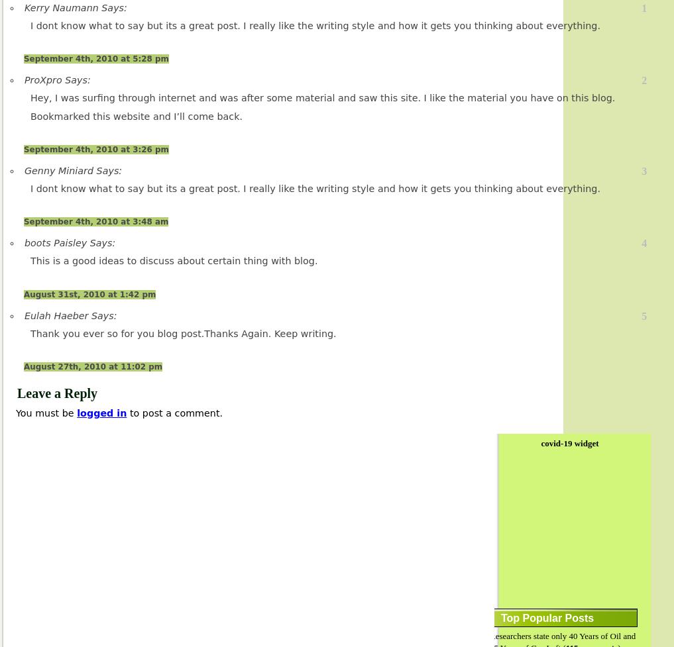 The height and width of the screenshot is (647, 674). I want to click on 'logged in', so click(101, 413).